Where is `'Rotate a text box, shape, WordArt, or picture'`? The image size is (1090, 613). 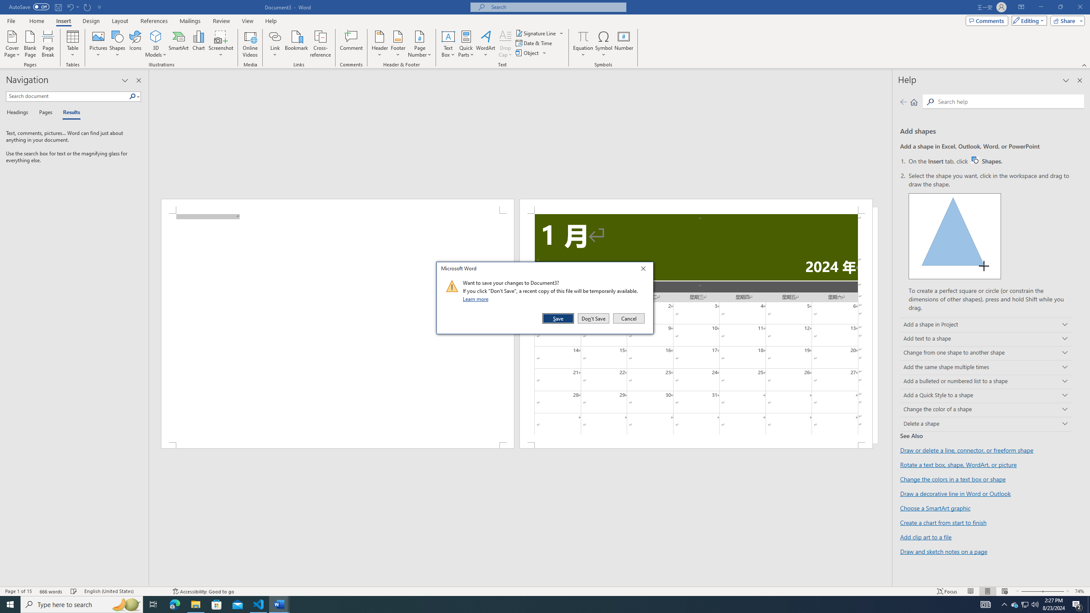 'Rotate a text box, shape, WordArt, or picture' is located at coordinates (958, 464).